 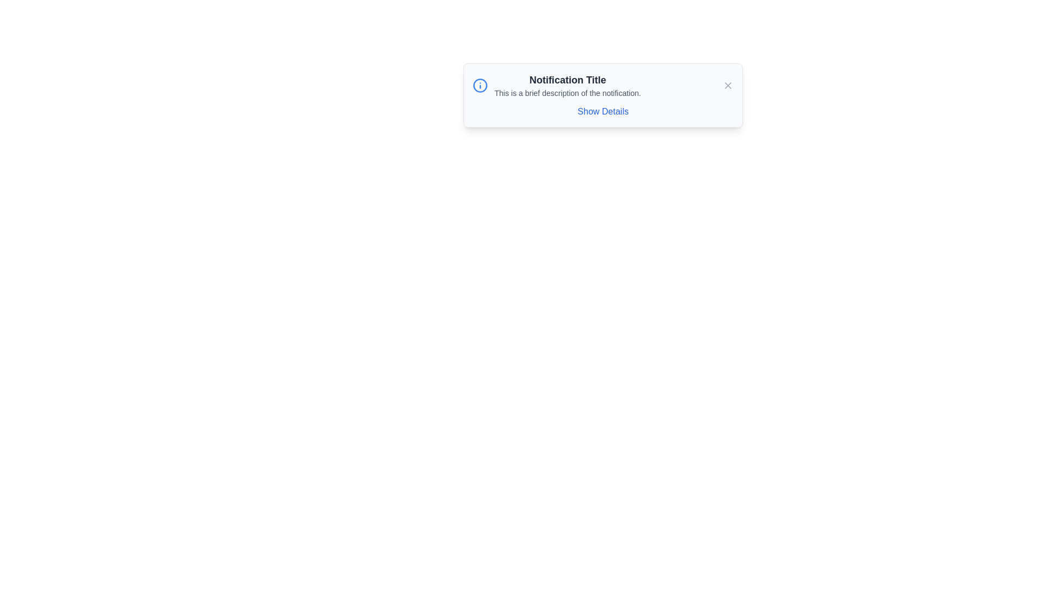 What do you see at coordinates (602, 111) in the screenshot?
I see `the blue-colored text link labeled 'Show Details' at the bottom-center of the notification card` at bounding box center [602, 111].